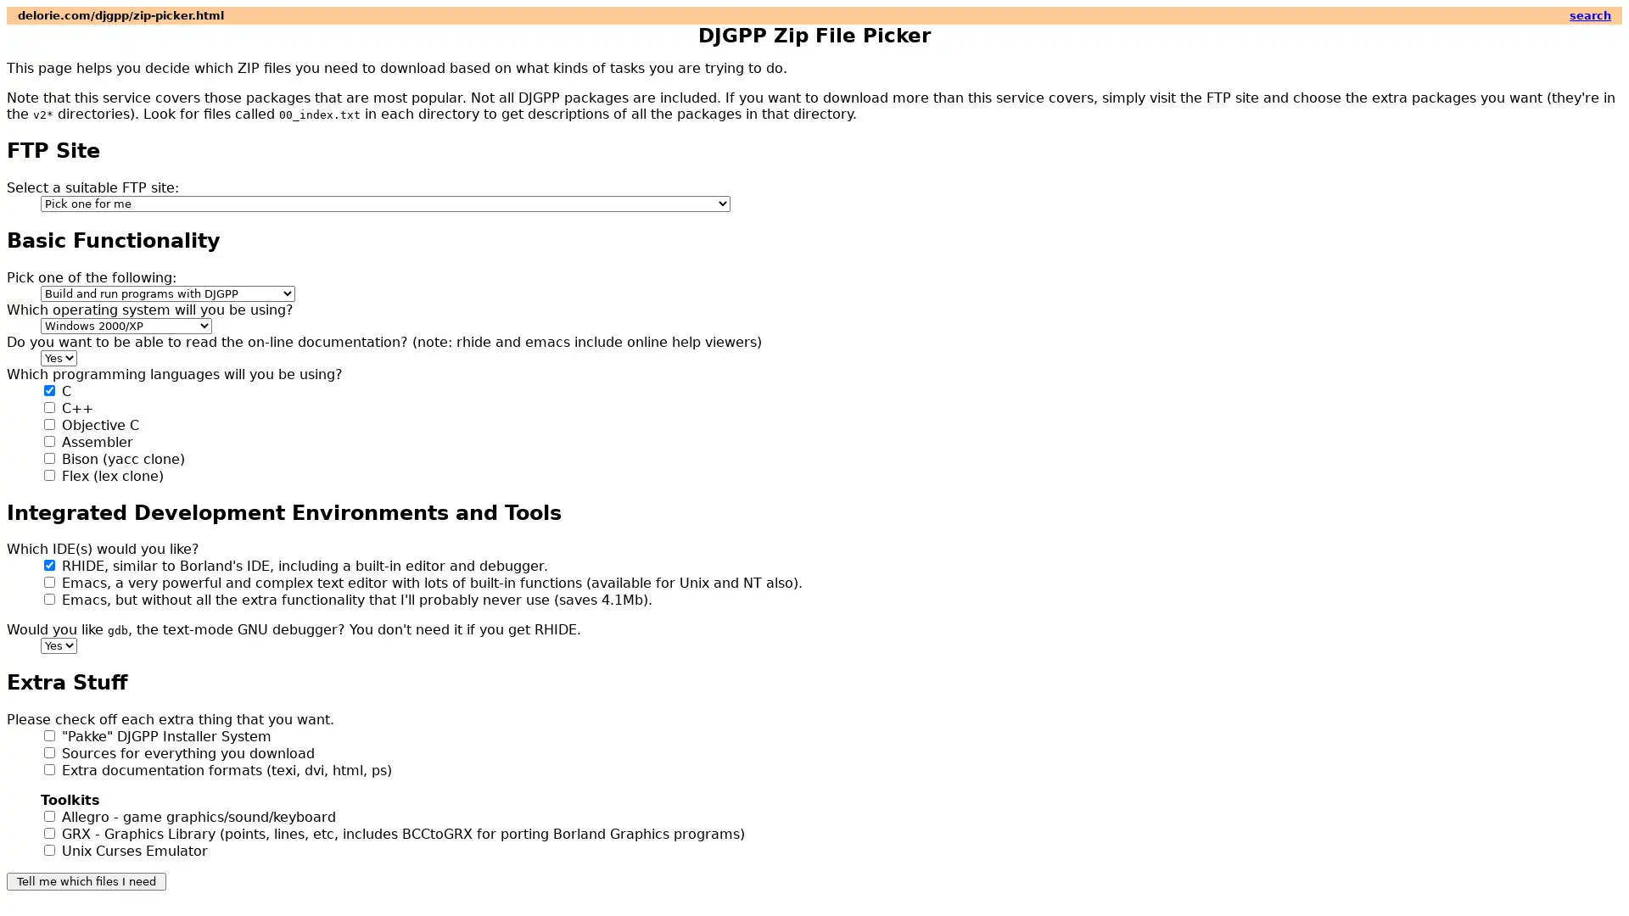 The image size is (1629, 916). I want to click on Tell me which files I need, so click(85, 880).